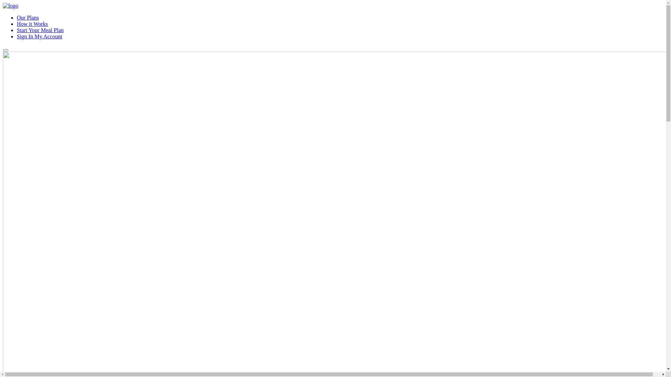 Image resolution: width=671 pixels, height=377 pixels. I want to click on 'Our Plans', so click(28, 17).